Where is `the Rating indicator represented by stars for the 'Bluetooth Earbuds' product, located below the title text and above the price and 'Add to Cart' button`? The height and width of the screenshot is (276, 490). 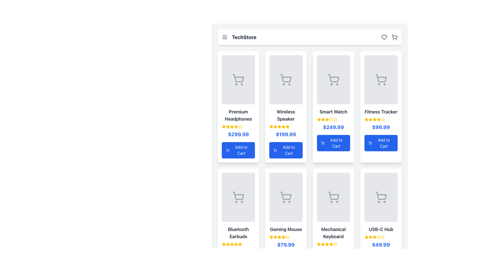 the Rating indicator represented by stars for the 'Bluetooth Earbuds' product, located below the title text and above the price and 'Add to Cart' button is located at coordinates (238, 244).